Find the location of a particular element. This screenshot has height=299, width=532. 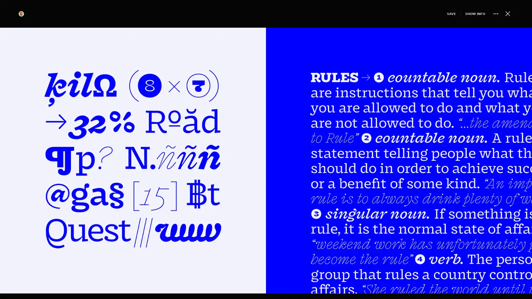

SAVE is located at coordinates (441, 13).